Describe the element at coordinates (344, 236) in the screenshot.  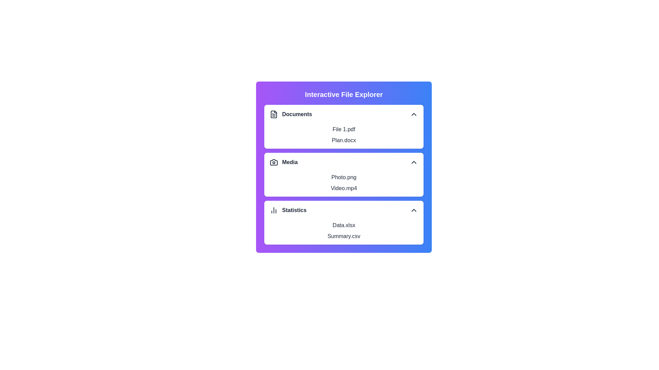
I see `the item Summary.csv from the section Statistics` at that location.